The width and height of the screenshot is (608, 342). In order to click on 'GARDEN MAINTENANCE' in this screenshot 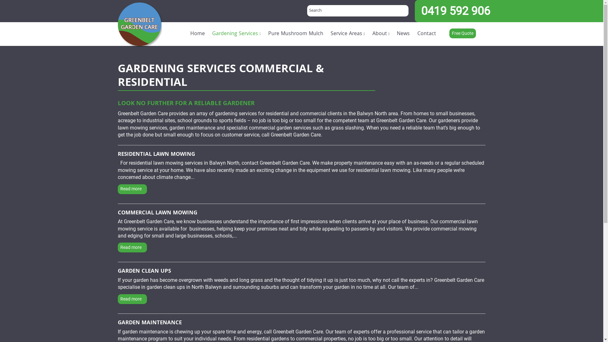, I will do `click(149, 323)`.